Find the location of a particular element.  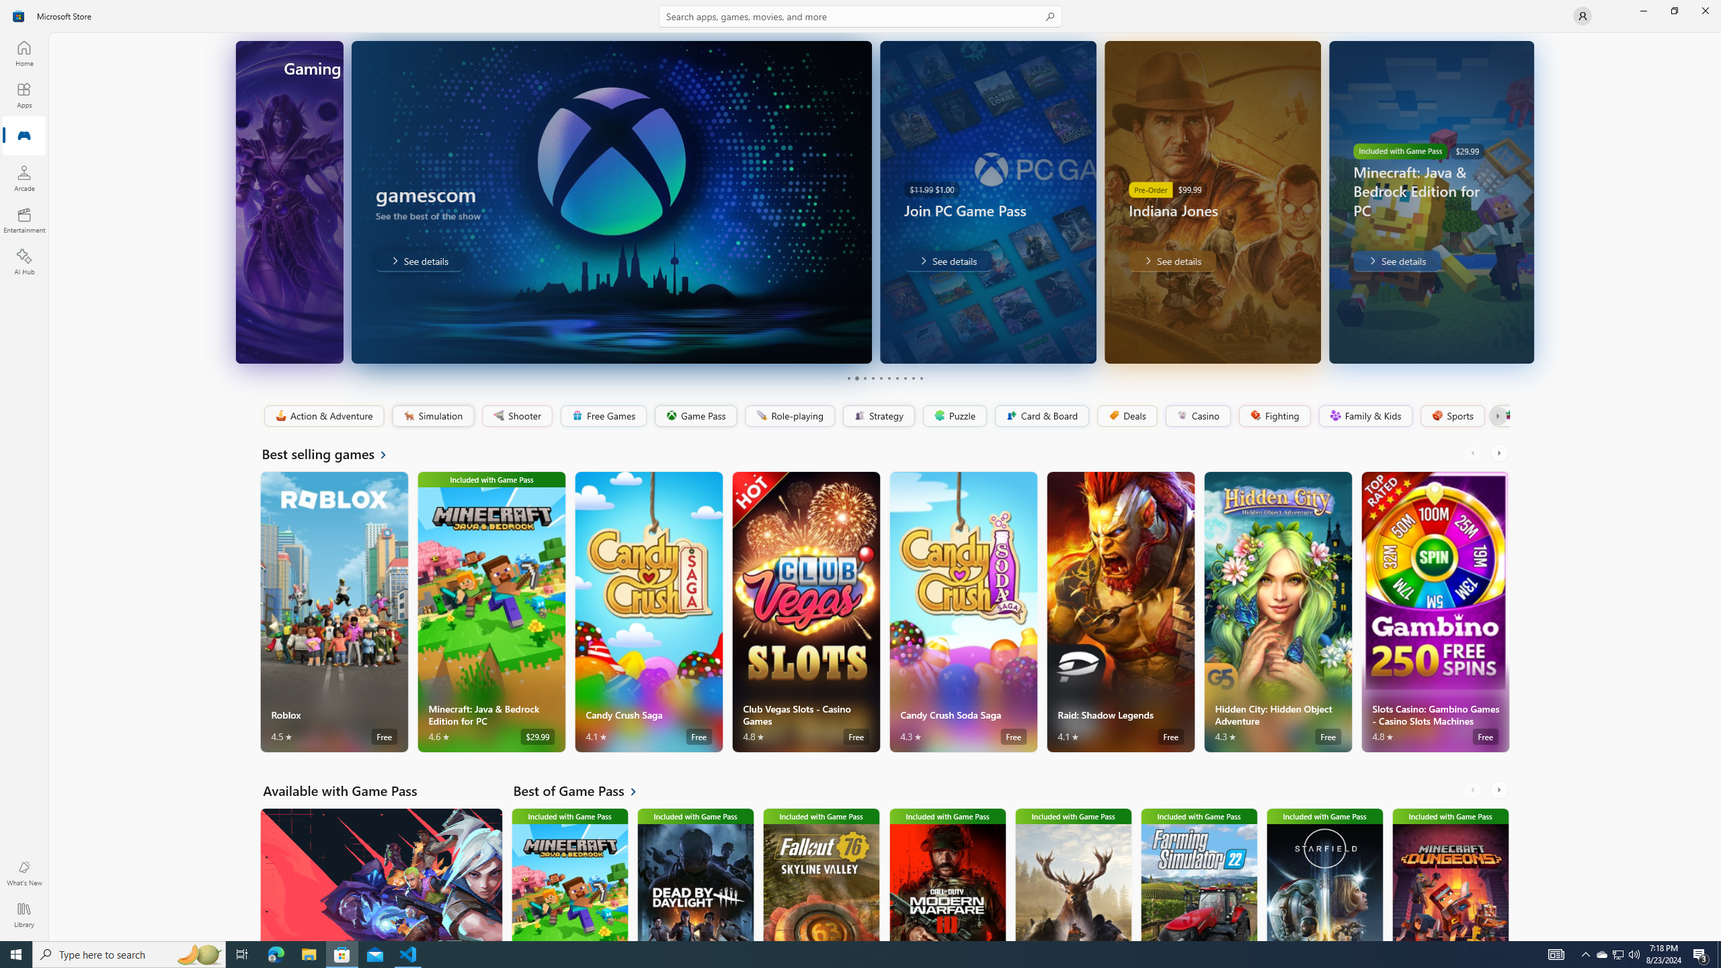

'Simulation' is located at coordinates (432, 415).